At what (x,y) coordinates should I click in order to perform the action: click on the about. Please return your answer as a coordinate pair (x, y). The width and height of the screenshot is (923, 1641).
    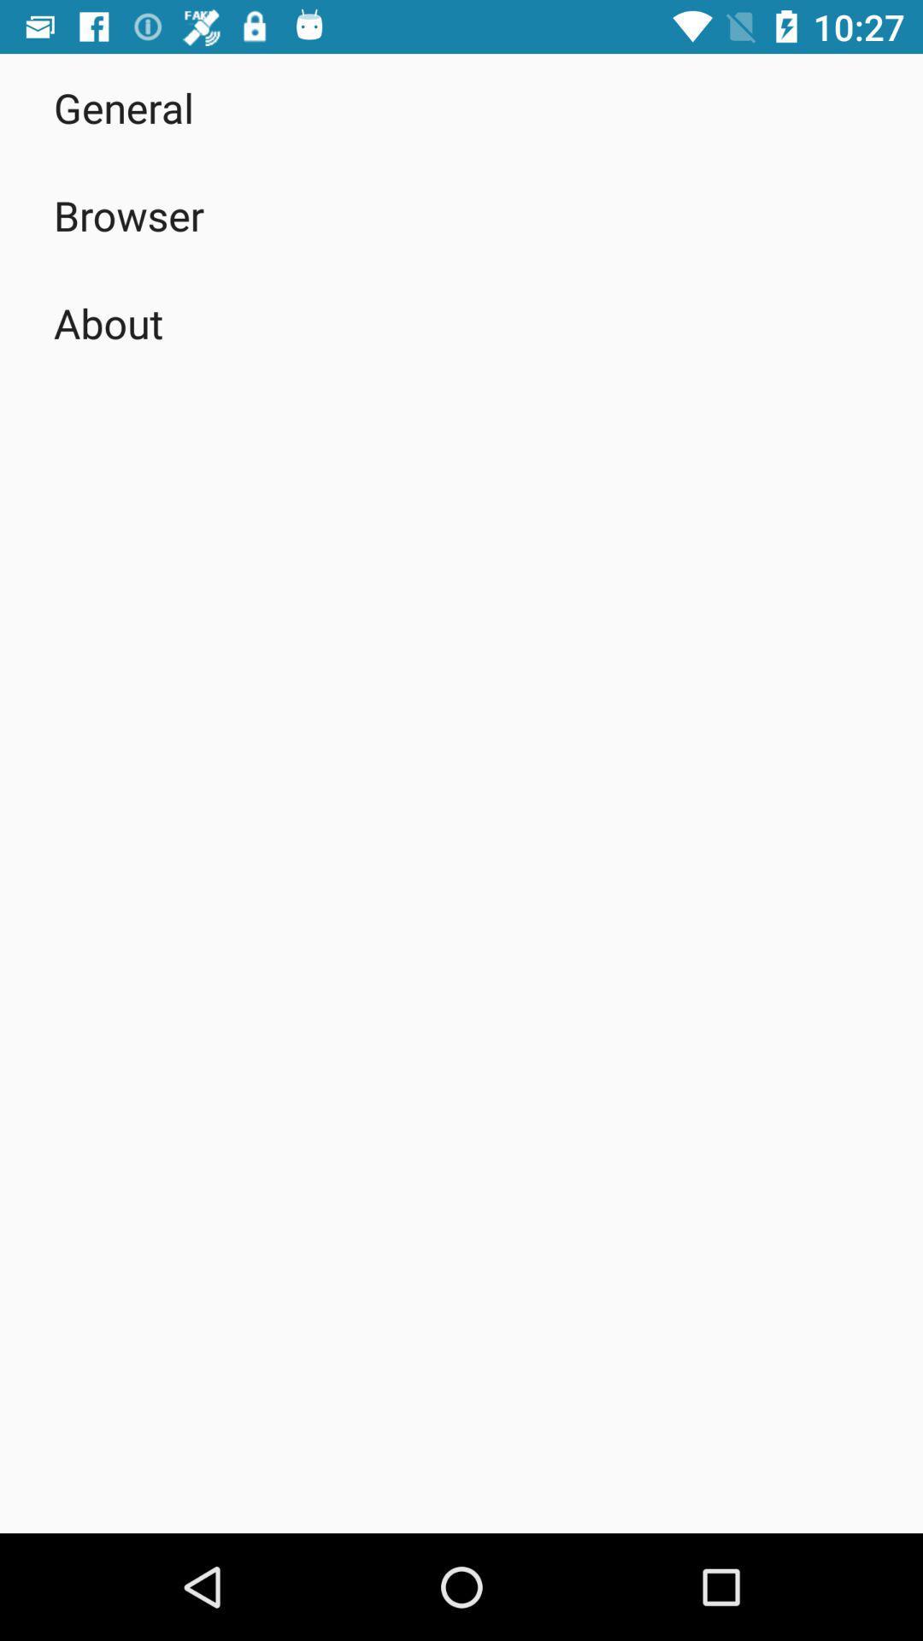
    Looking at the image, I should click on (109, 323).